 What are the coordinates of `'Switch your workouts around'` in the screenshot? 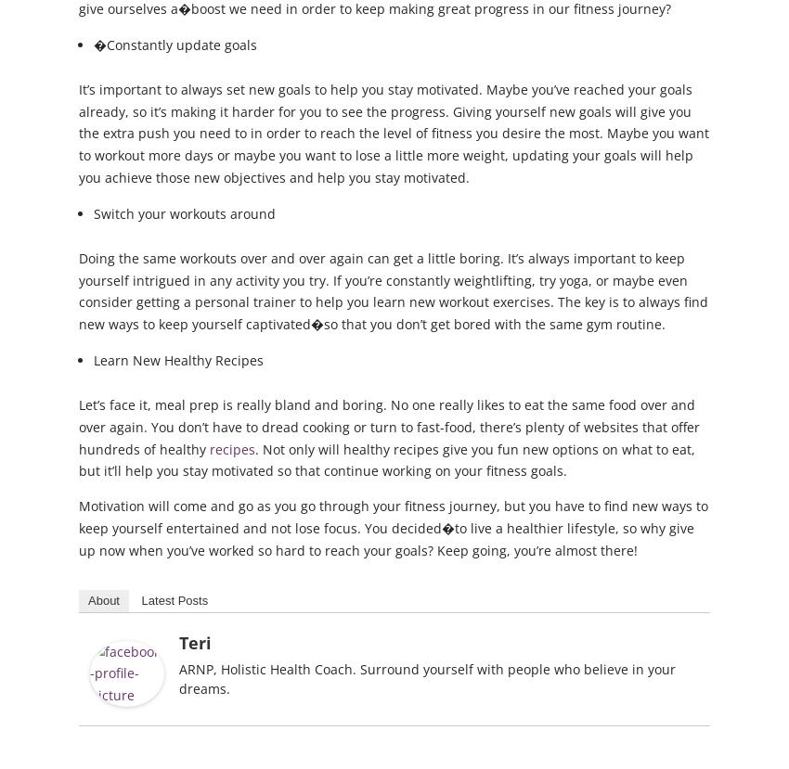 It's located at (92, 212).